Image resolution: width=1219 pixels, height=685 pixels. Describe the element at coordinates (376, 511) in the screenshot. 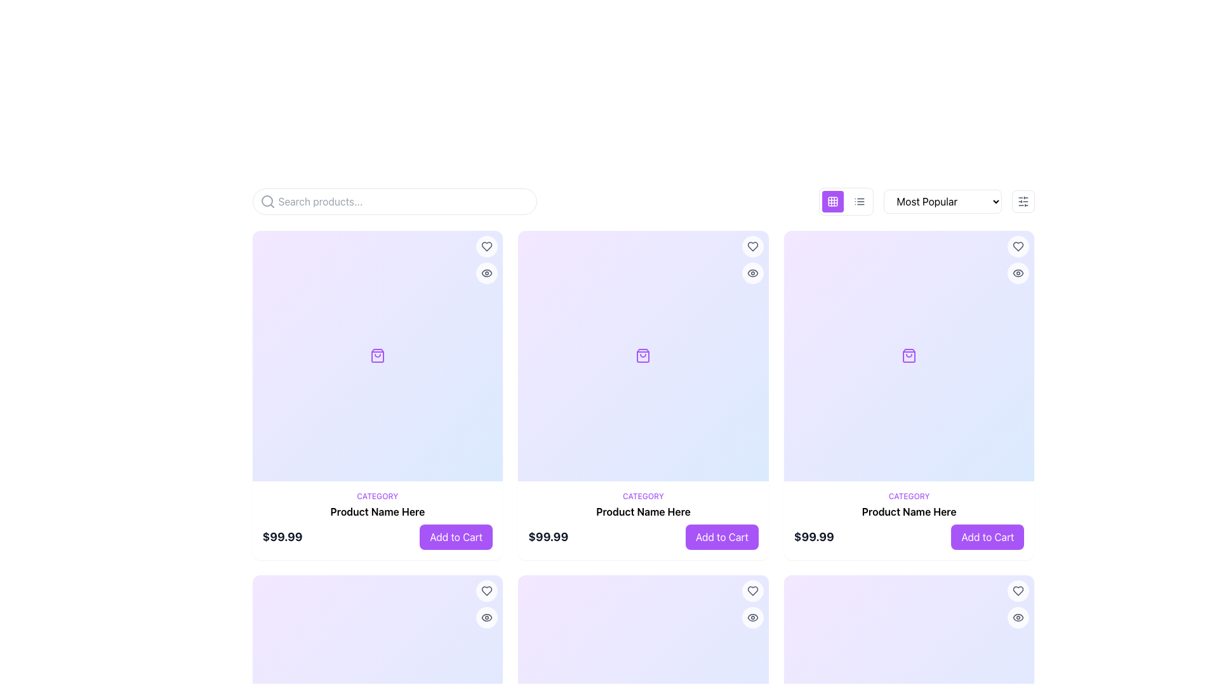

I see `the text label displaying 'Product Name Here', which is styled in bold and is located centrally within a card layout, positioned below the 'CATEGORY' label and above the price and 'Add to Cart' button` at that location.